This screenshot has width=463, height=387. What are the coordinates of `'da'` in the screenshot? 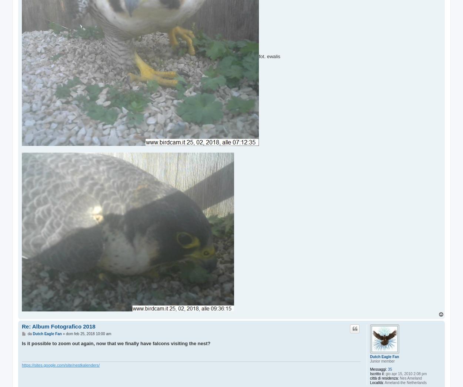 It's located at (30, 334).